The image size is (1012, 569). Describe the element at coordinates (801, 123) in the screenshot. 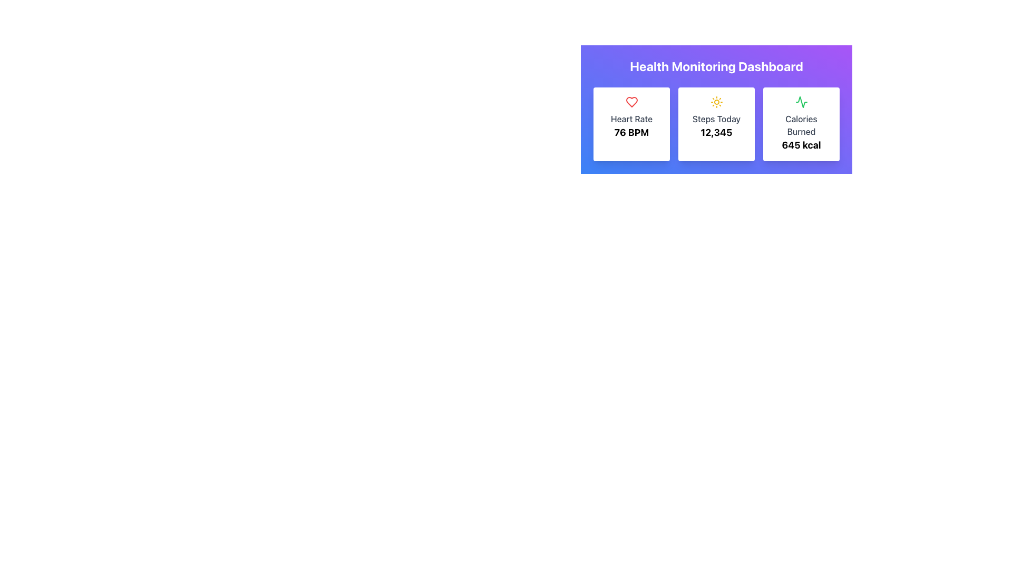

I see `the displayed information on the rightmost Info card that shows the number of calories burned, prominently displayed in bold text` at that location.